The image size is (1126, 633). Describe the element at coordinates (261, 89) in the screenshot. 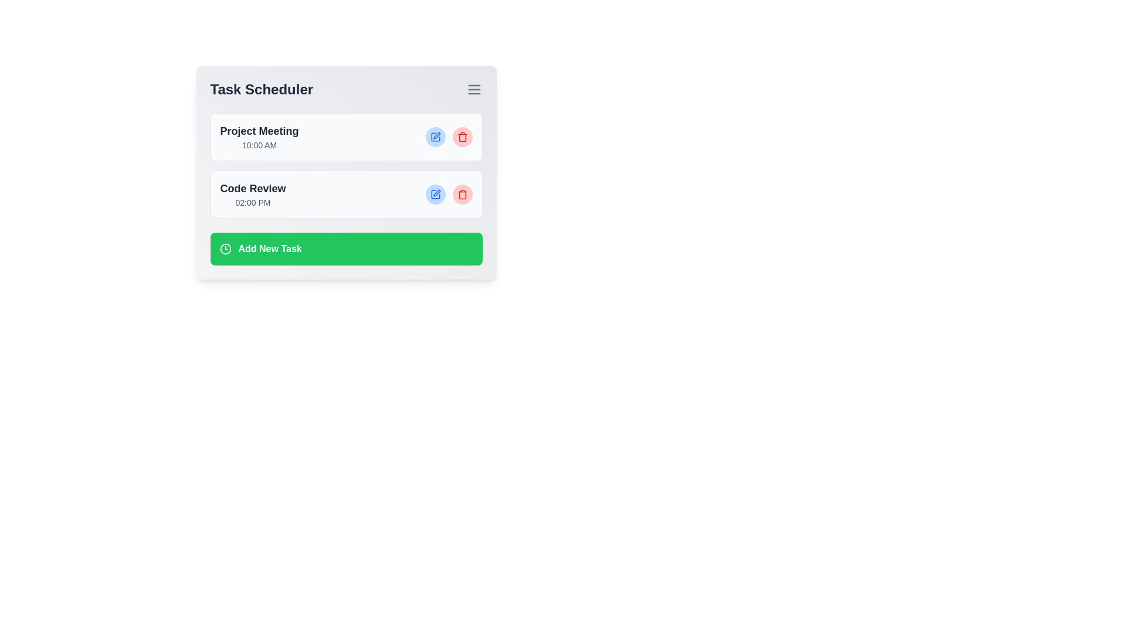

I see `the 'Task Scheduler' text label, which is styled in bold 2xl font and dark gray color, located at the upper left section of the interface` at that location.